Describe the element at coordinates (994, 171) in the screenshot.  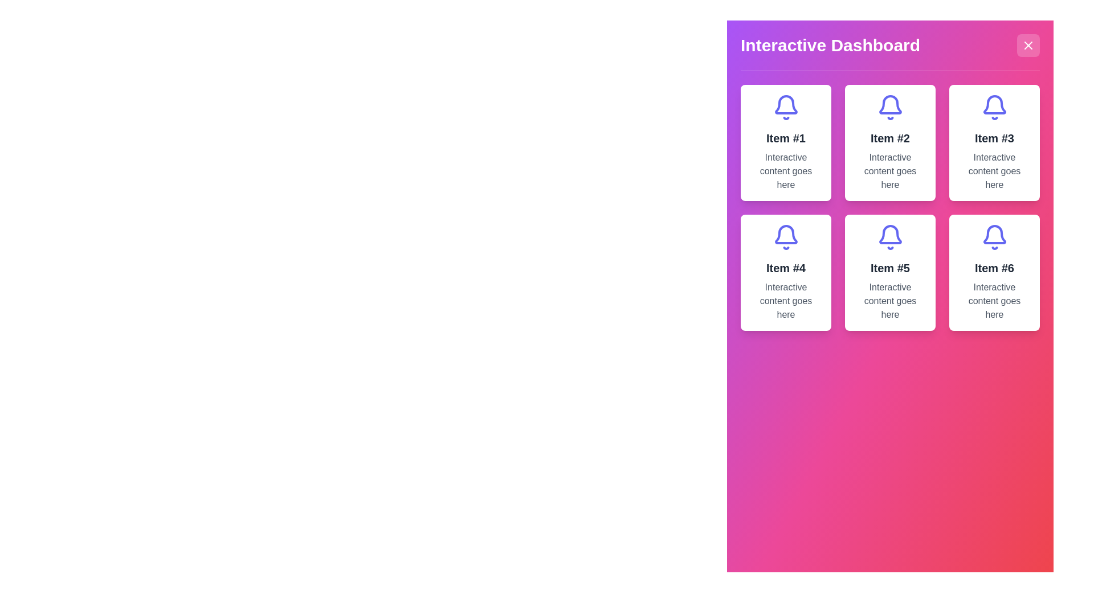
I see `the static text element indicating 'Item #3', which is located beneath the title in the top-right corner of the grid display` at that location.